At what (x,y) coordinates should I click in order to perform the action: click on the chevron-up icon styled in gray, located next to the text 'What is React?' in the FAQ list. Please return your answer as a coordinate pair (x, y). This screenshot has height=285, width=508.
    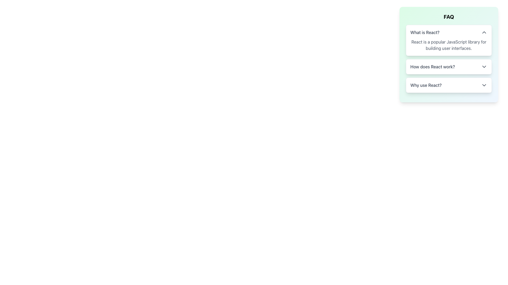
    Looking at the image, I should click on (484, 32).